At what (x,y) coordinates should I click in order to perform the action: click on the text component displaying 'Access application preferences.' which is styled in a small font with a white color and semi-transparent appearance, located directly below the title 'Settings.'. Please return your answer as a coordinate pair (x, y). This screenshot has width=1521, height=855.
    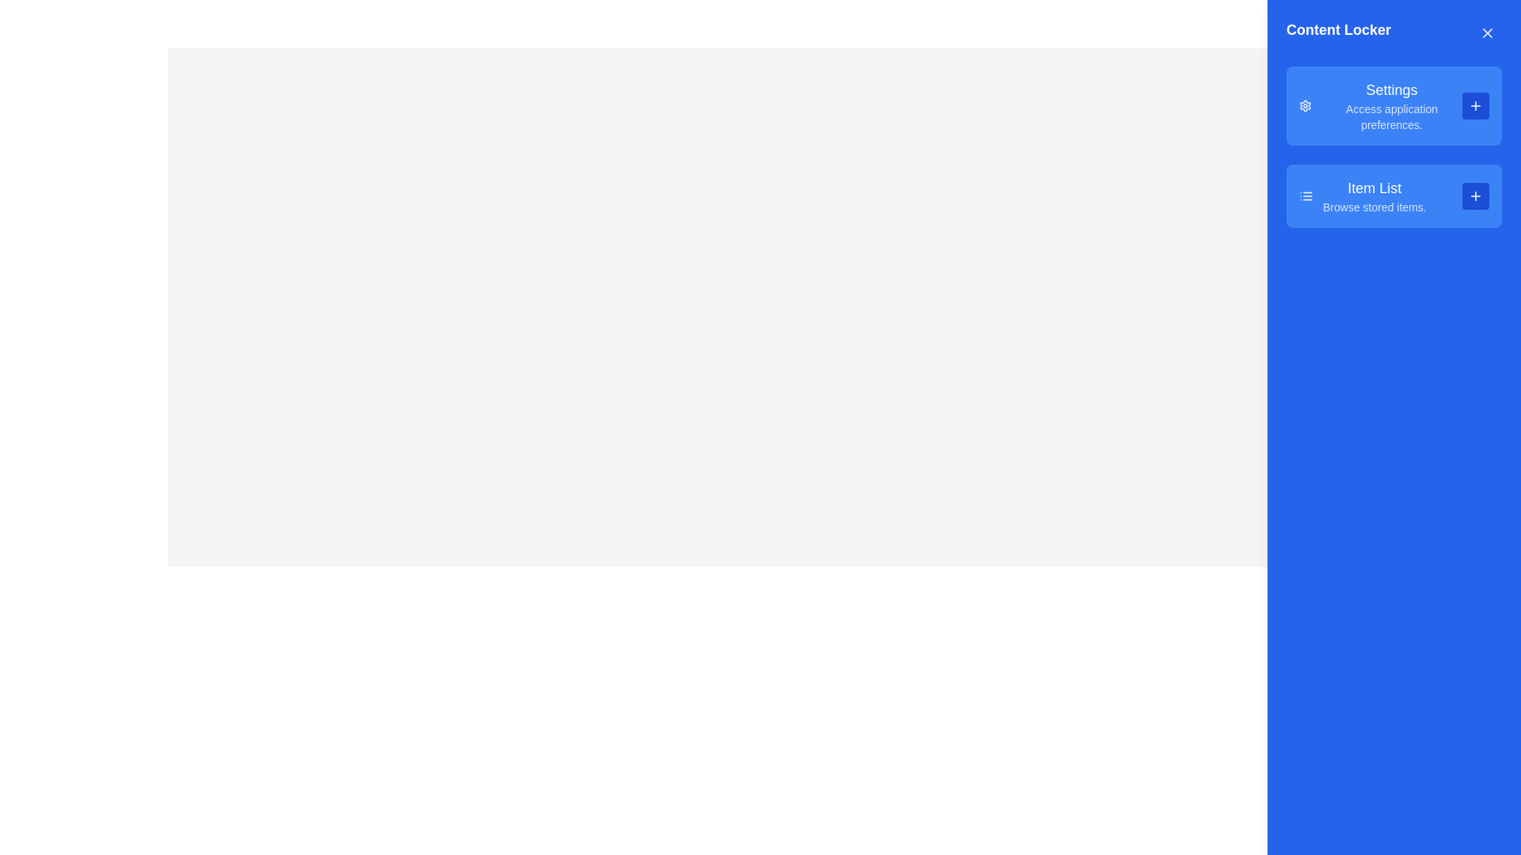
    Looking at the image, I should click on (1391, 116).